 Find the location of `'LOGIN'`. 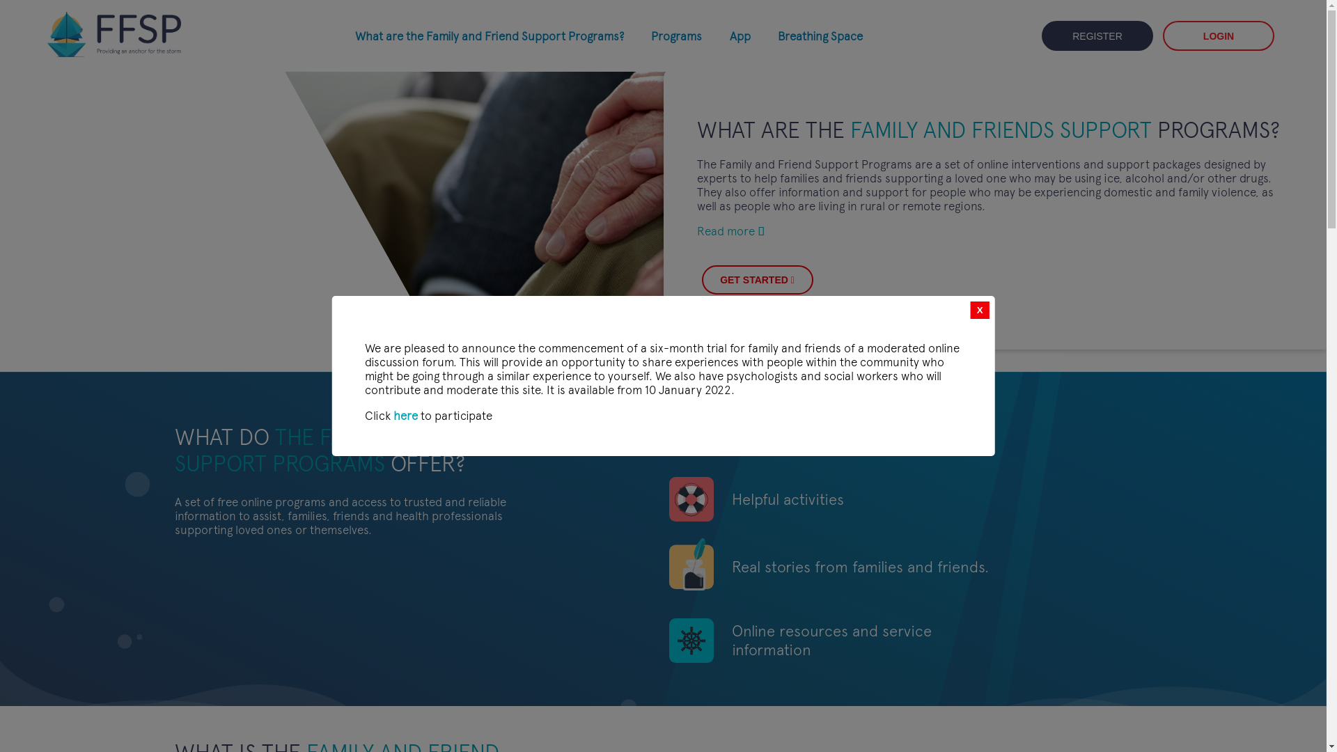

'LOGIN' is located at coordinates (1218, 34).